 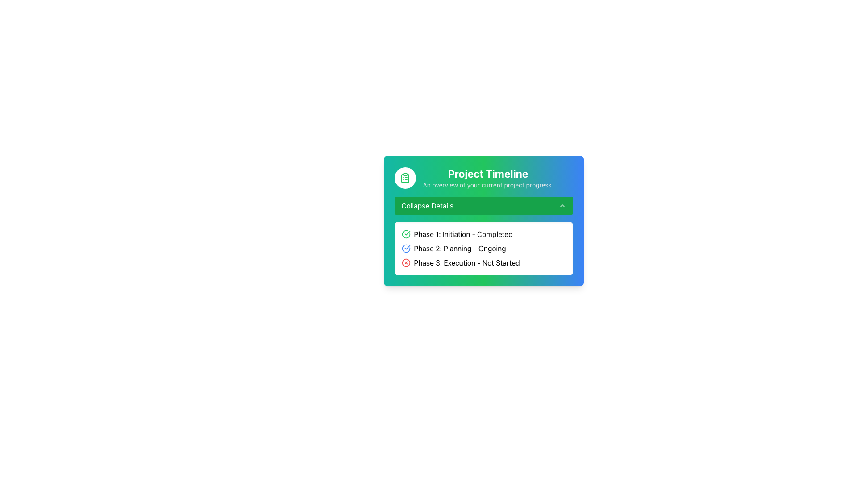 I want to click on the static text label indicating a collapsible section, located on the upper section of the green bar, positioned to the left side and aligned with an arrow icon, so click(x=427, y=206).